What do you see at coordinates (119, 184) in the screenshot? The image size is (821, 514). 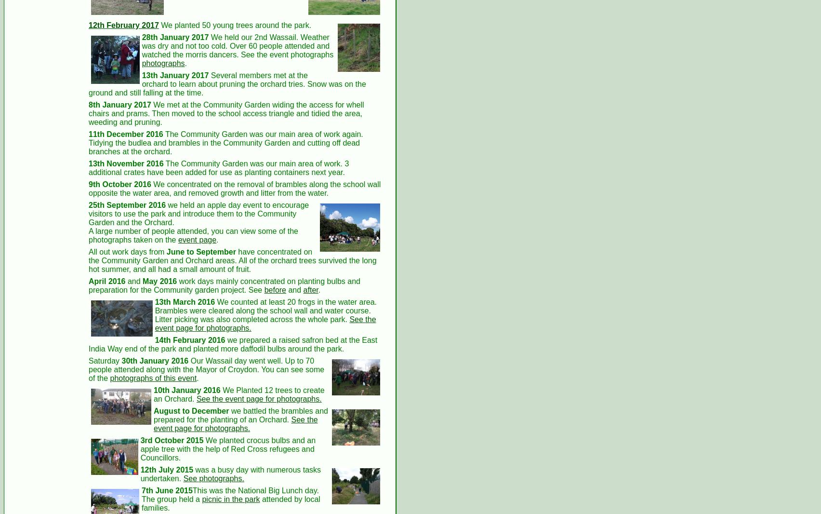 I see `'9th October 2016'` at bounding box center [119, 184].